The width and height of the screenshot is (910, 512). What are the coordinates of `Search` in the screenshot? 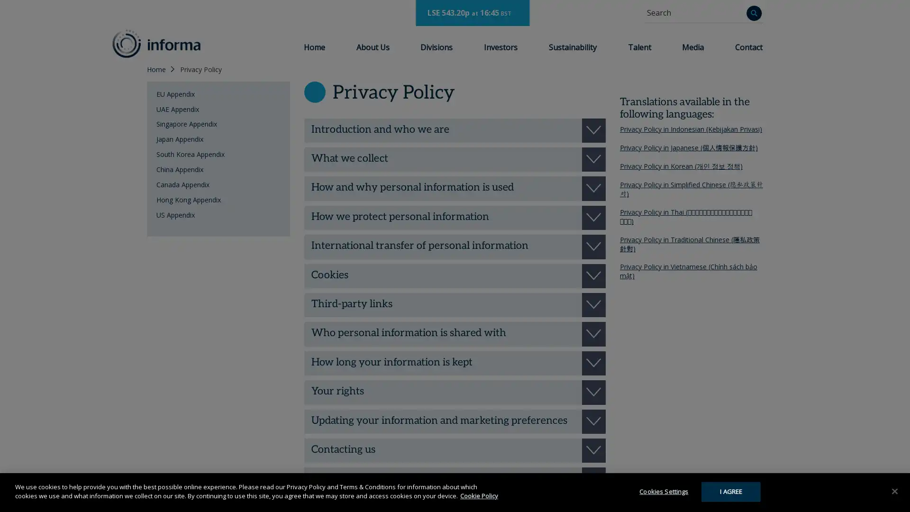 It's located at (754, 13).